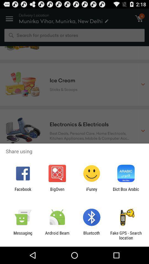 This screenshot has width=149, height=264. What do you see at coordinates (92, 235) in the screenshot?
I see `icon to the right of android beam icon` at bounding box center [92, 235].